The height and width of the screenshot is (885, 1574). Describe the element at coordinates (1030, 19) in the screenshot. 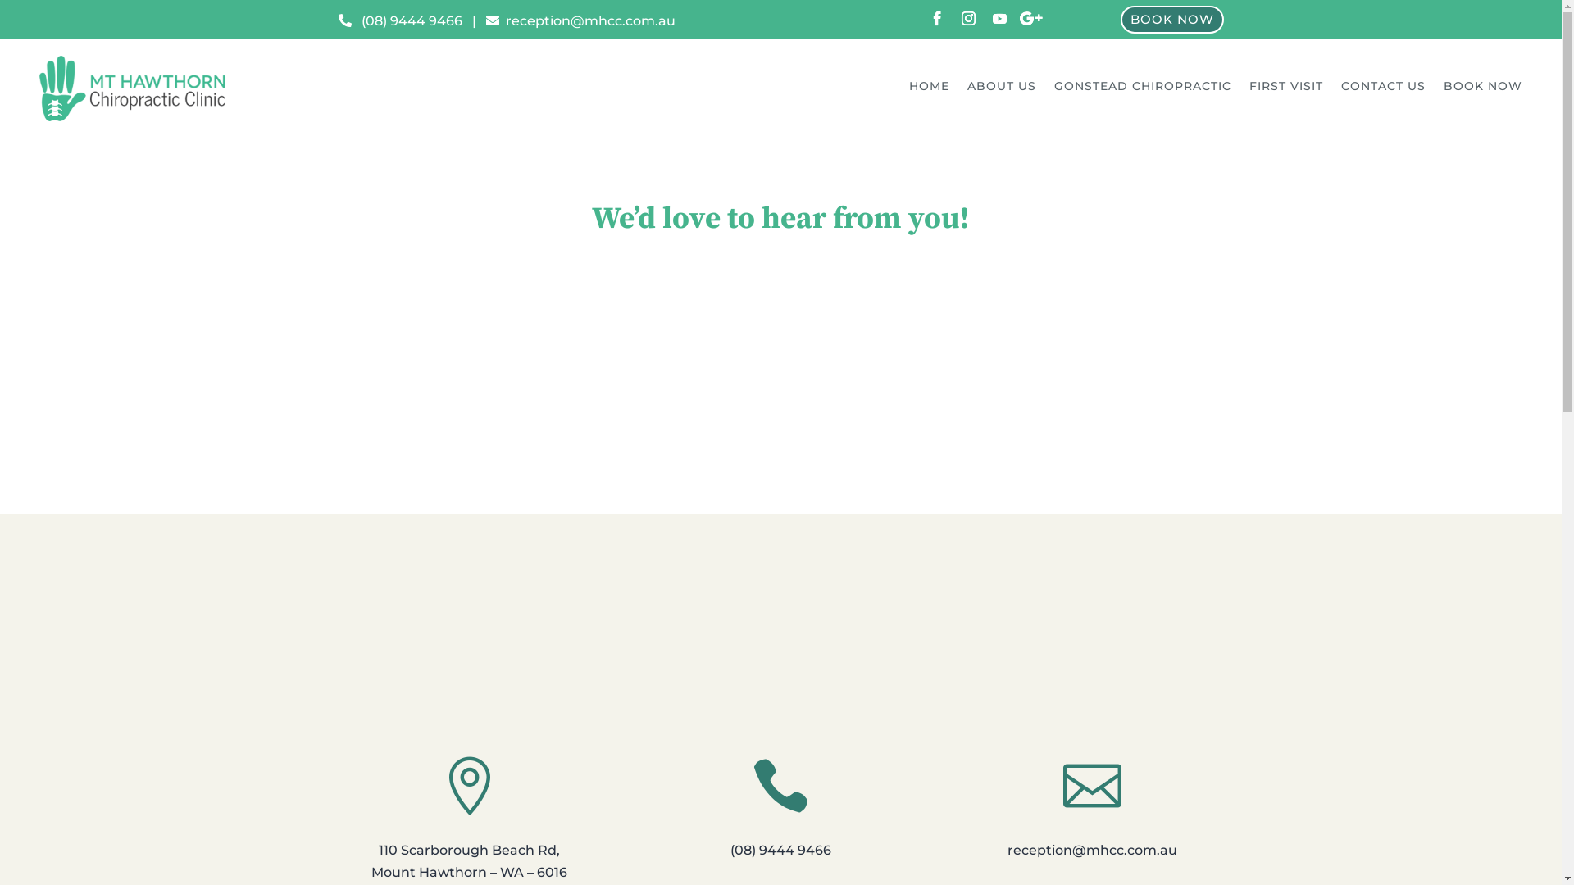

I see `'Follow on Google+'` at that location.